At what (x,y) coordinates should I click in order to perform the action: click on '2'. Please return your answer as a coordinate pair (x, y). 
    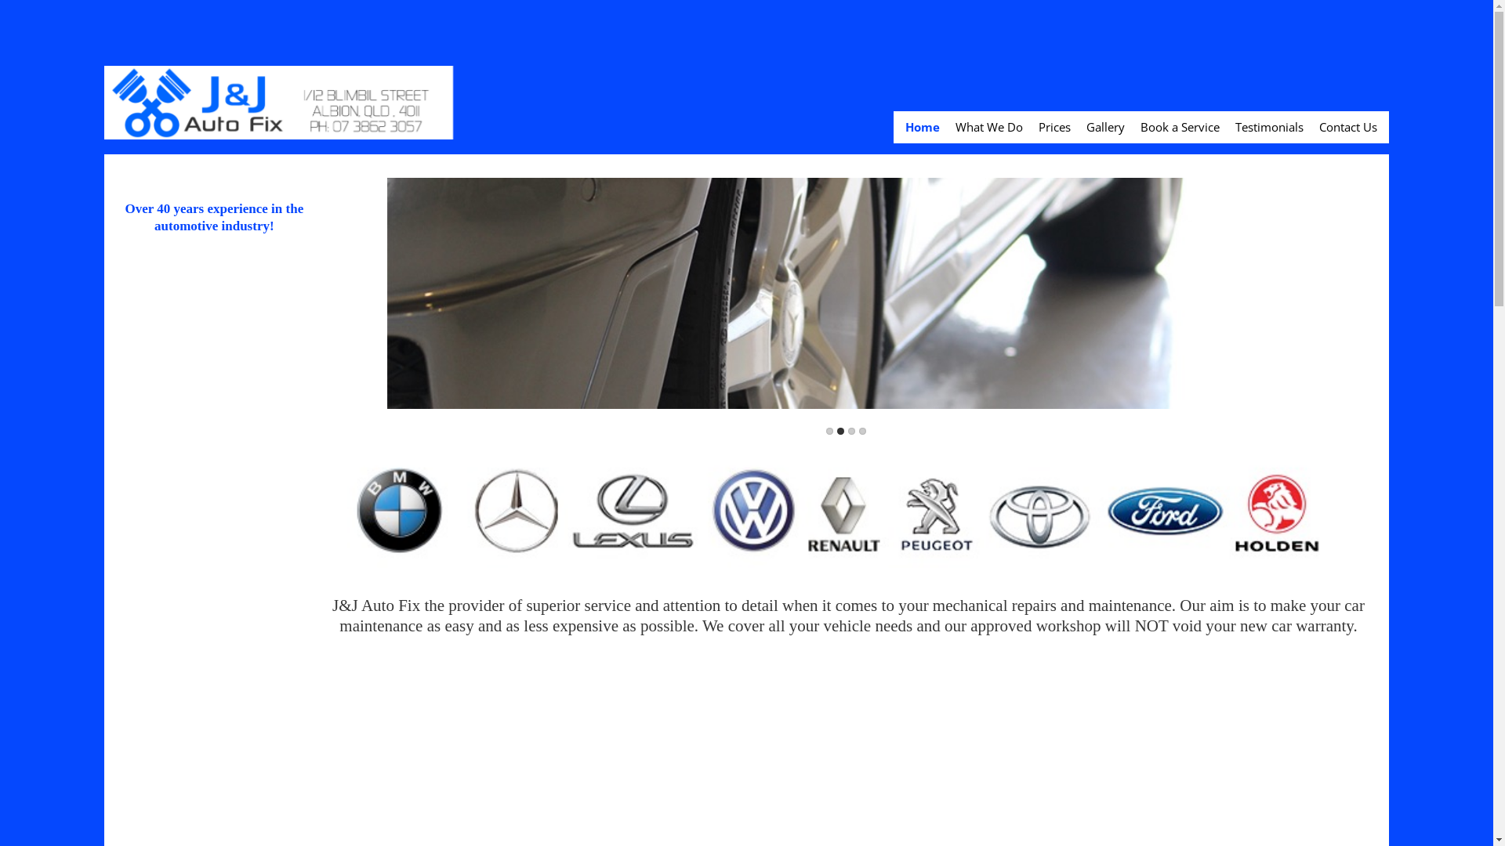
    Looking at the image, I should click on (840, 431).